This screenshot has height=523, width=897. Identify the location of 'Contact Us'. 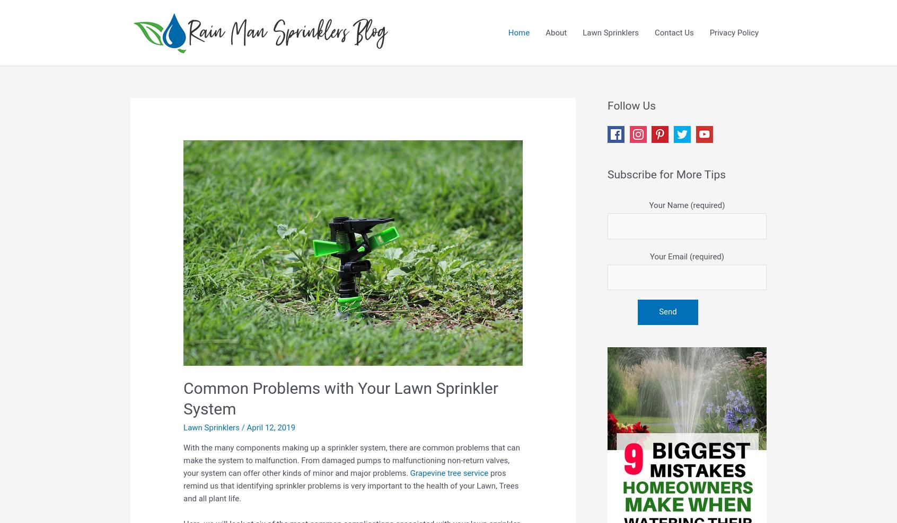
(654, 32).